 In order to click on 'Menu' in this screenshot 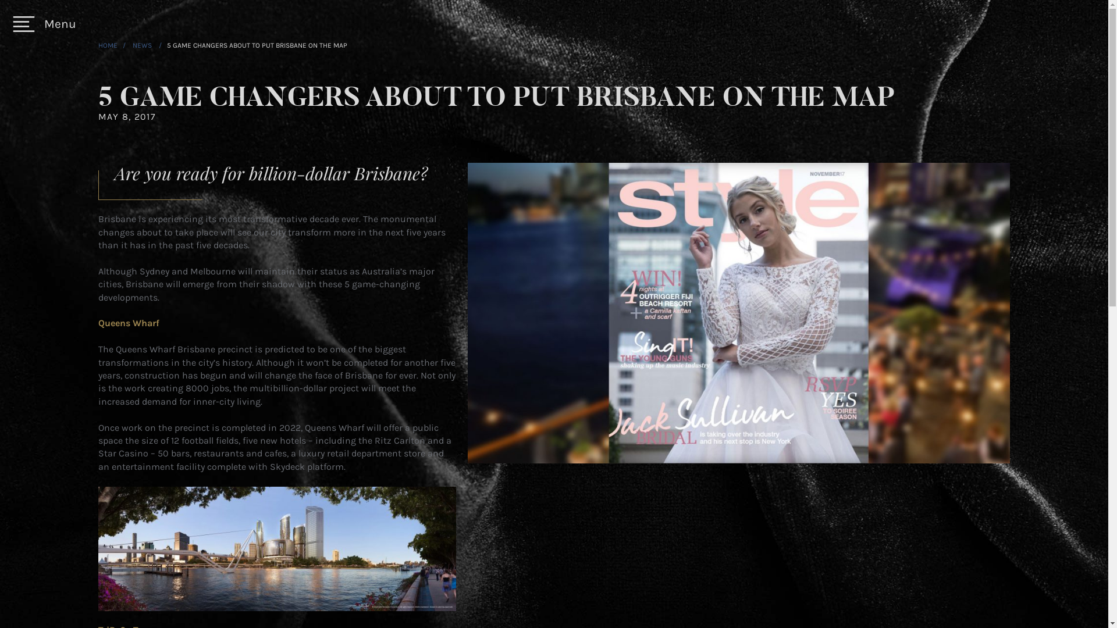, I will do `click(44, 24)`.